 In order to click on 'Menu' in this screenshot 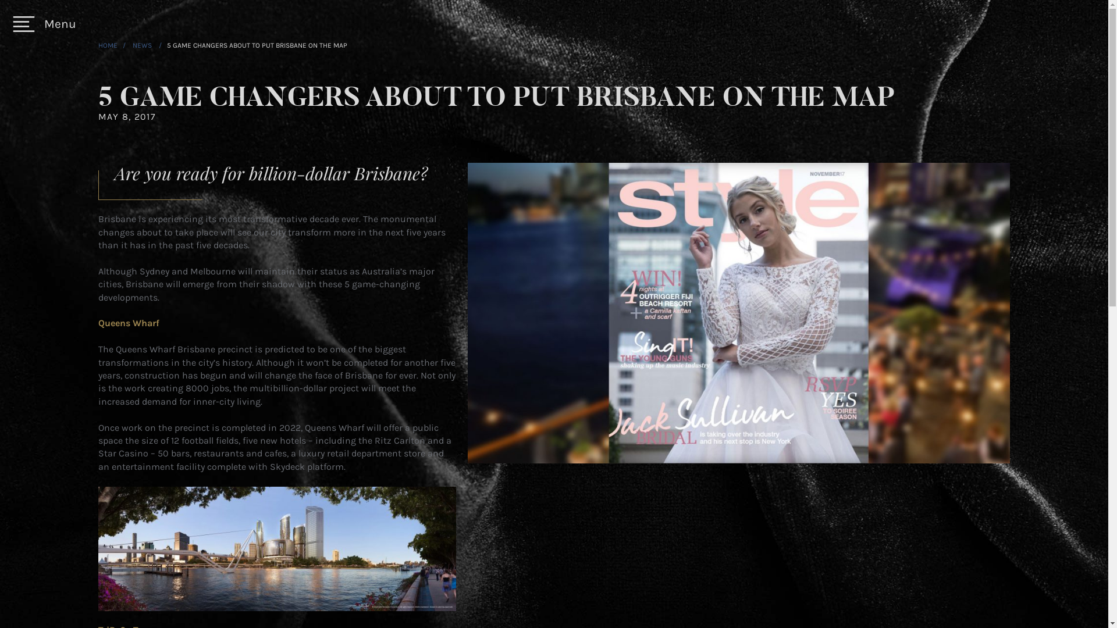, I will do `click(44, 24)`.